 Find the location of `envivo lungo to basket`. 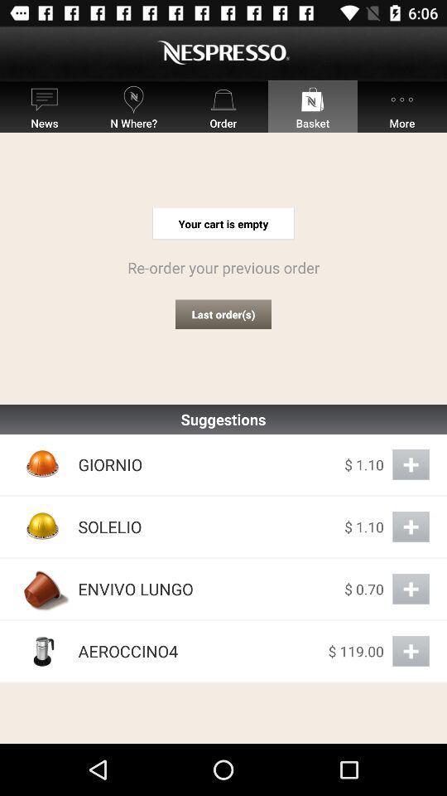

envivo lungo to basket is located at coordinates (410, 589).